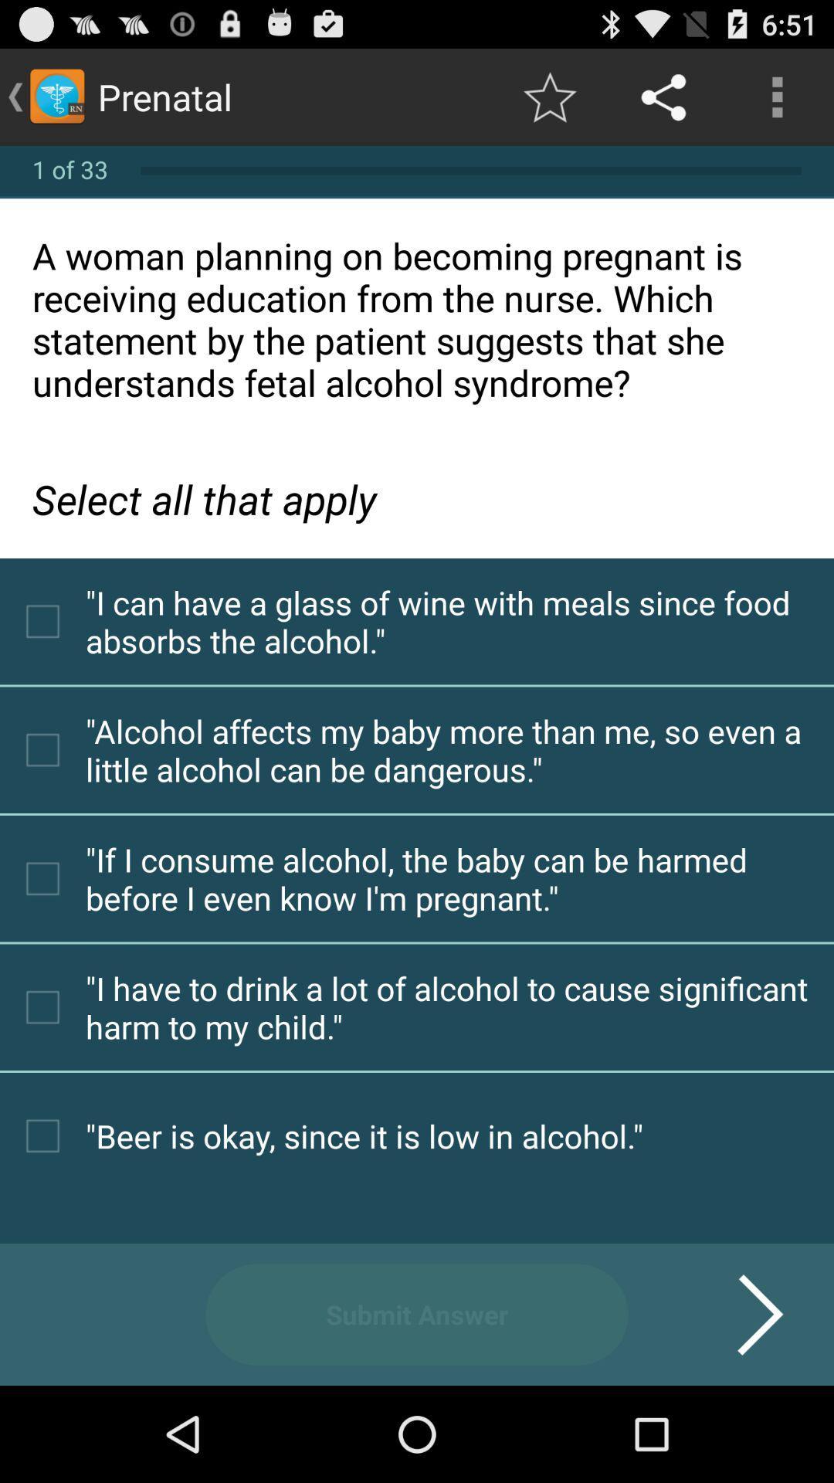  Describe the element at coordinates (417, 1314) in the screenshot. I see `icon below the beer is okay item` at that location.